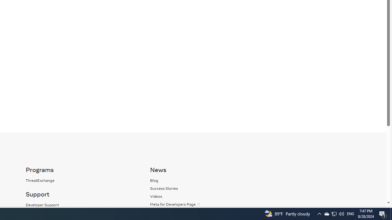 The height and width of the screenshot is (220, 392). Describe the element at coordinates (175, 204) in the screenshot. I see `'Meta for Developers Page'` at that location.